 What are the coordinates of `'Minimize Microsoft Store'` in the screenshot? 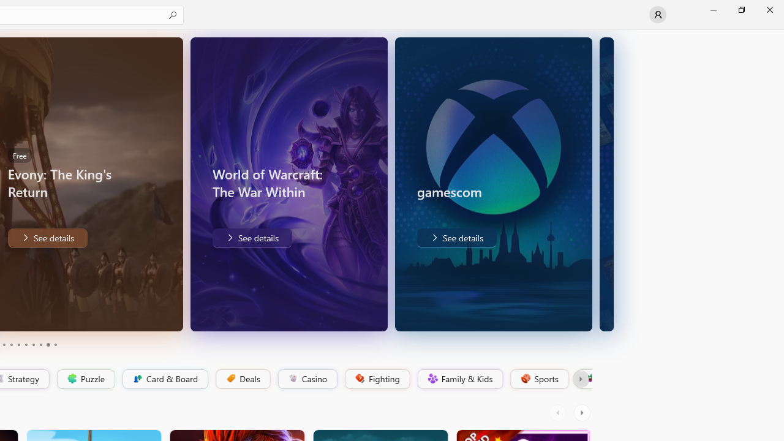 It's located at (713, 9).